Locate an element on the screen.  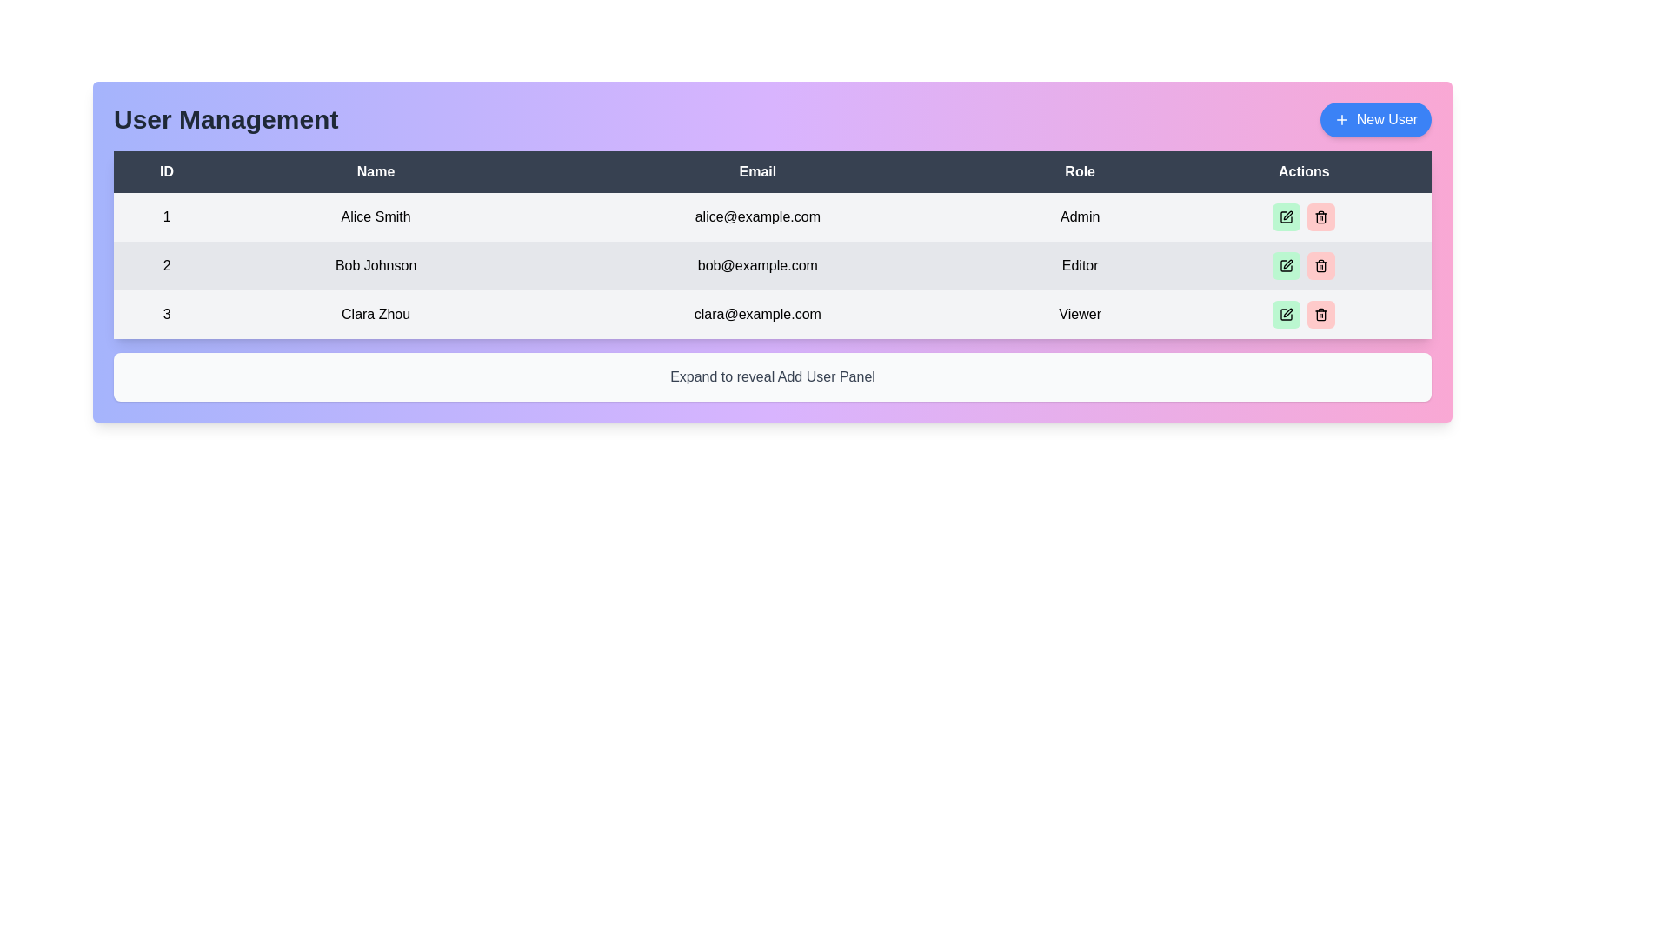
the label displaying the name of an individual in the second row of the table under the 'Name' column is located at coordinates (375, 265).